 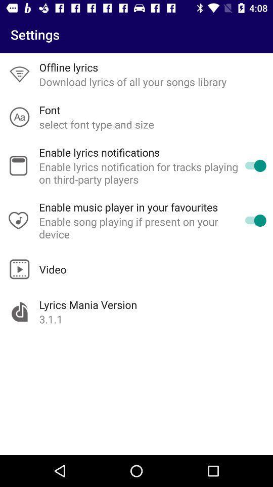 What do you see at coordinates (68, 66) in the screenshot?
I see `the app above download lyrics of` at bounding box center [68, 66].